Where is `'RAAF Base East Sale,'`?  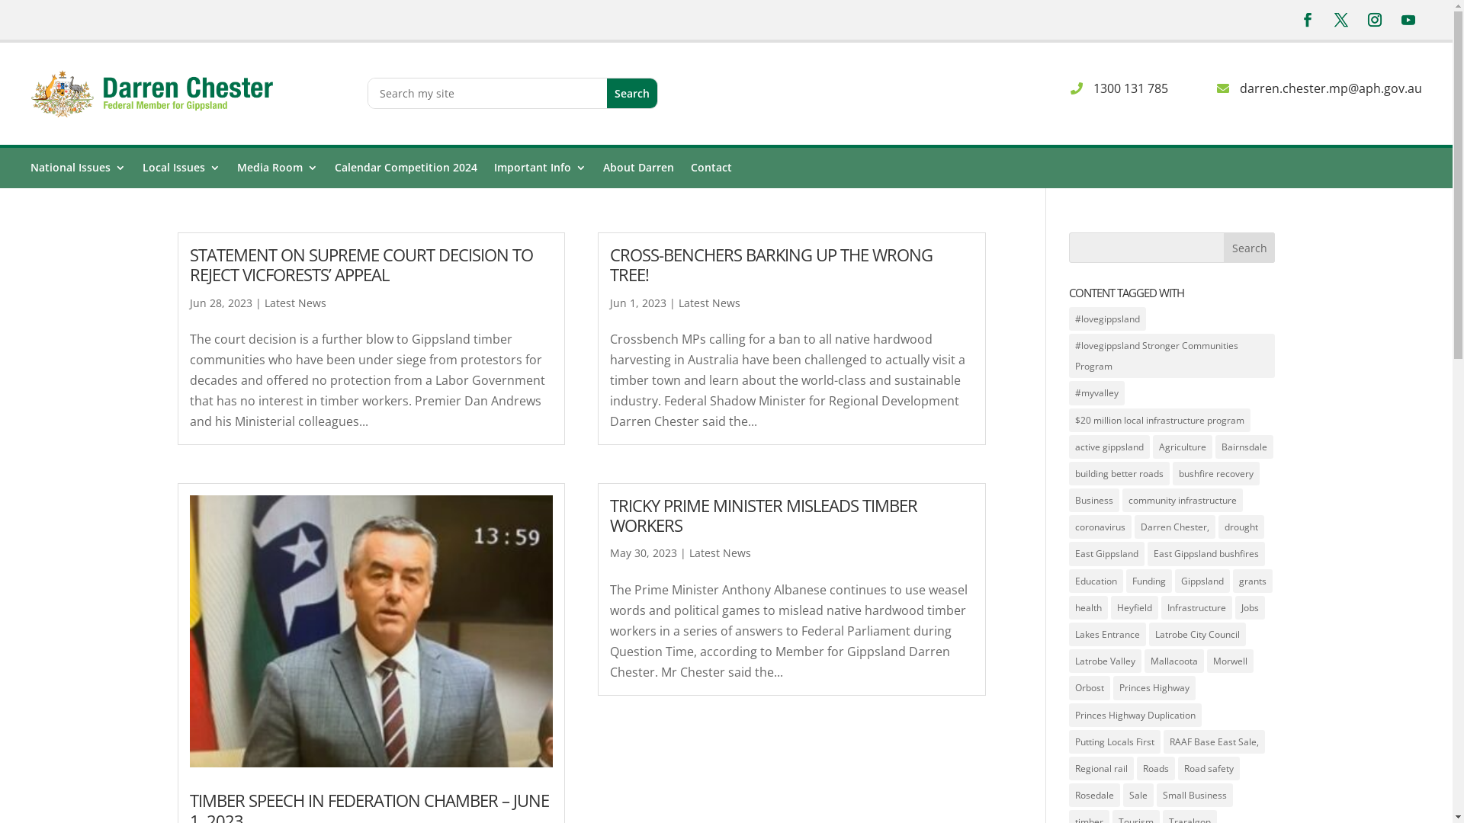
'RAAF Base East Sale,' is located at coordinates (1213, 741).